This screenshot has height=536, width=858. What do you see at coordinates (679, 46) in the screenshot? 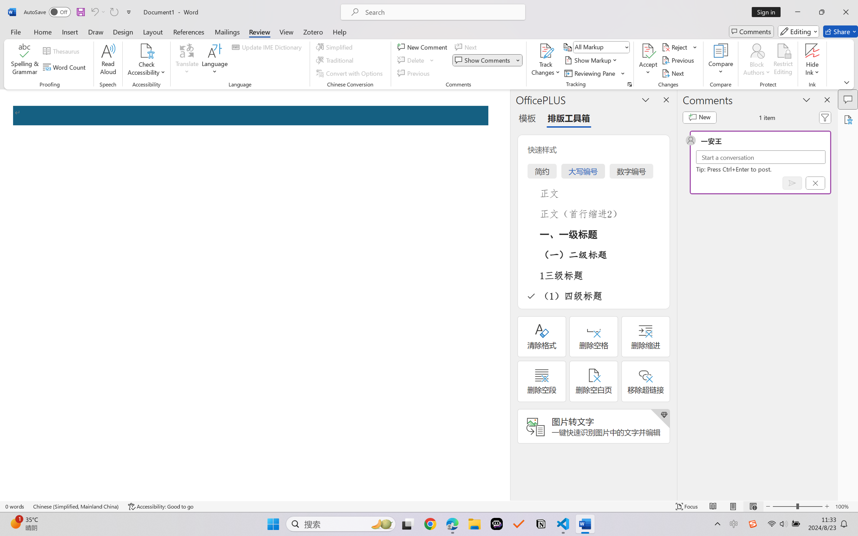
I see `'Reject'` at bounding box center [679, 46].